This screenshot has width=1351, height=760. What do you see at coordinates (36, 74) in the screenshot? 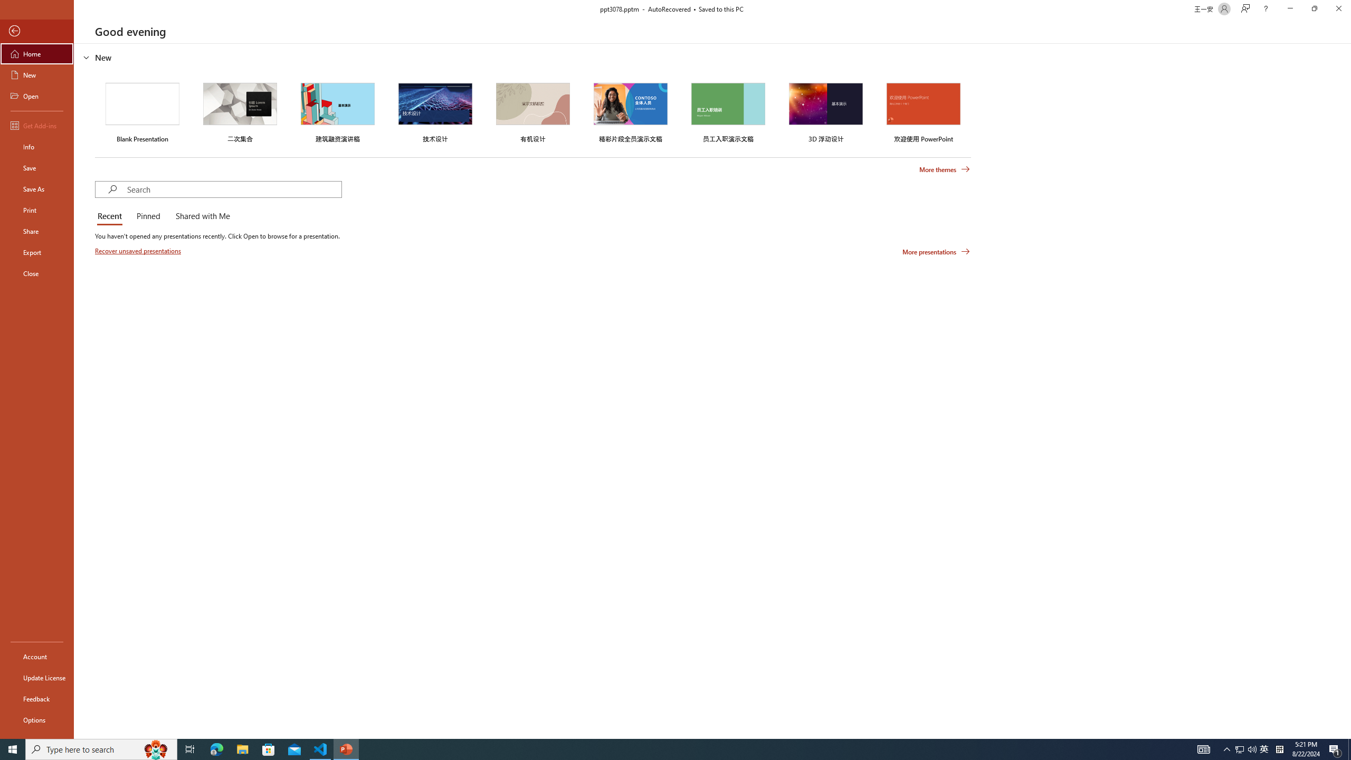
I see `'New'` at bounding box center [36, 74].